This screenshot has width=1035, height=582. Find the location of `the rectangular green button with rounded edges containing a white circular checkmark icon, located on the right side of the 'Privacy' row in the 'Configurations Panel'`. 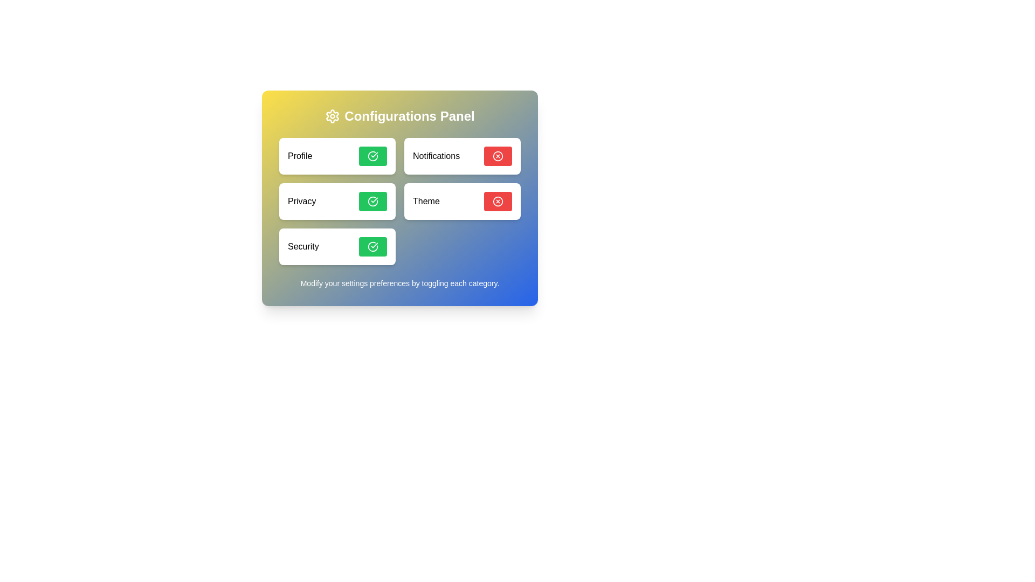

the rectangular green button with rounded edges containing a white circular checkmark icon, located on the right side of the 'Privacy' row in the 'Configurations Panel' is located at coordinates (372, 202).